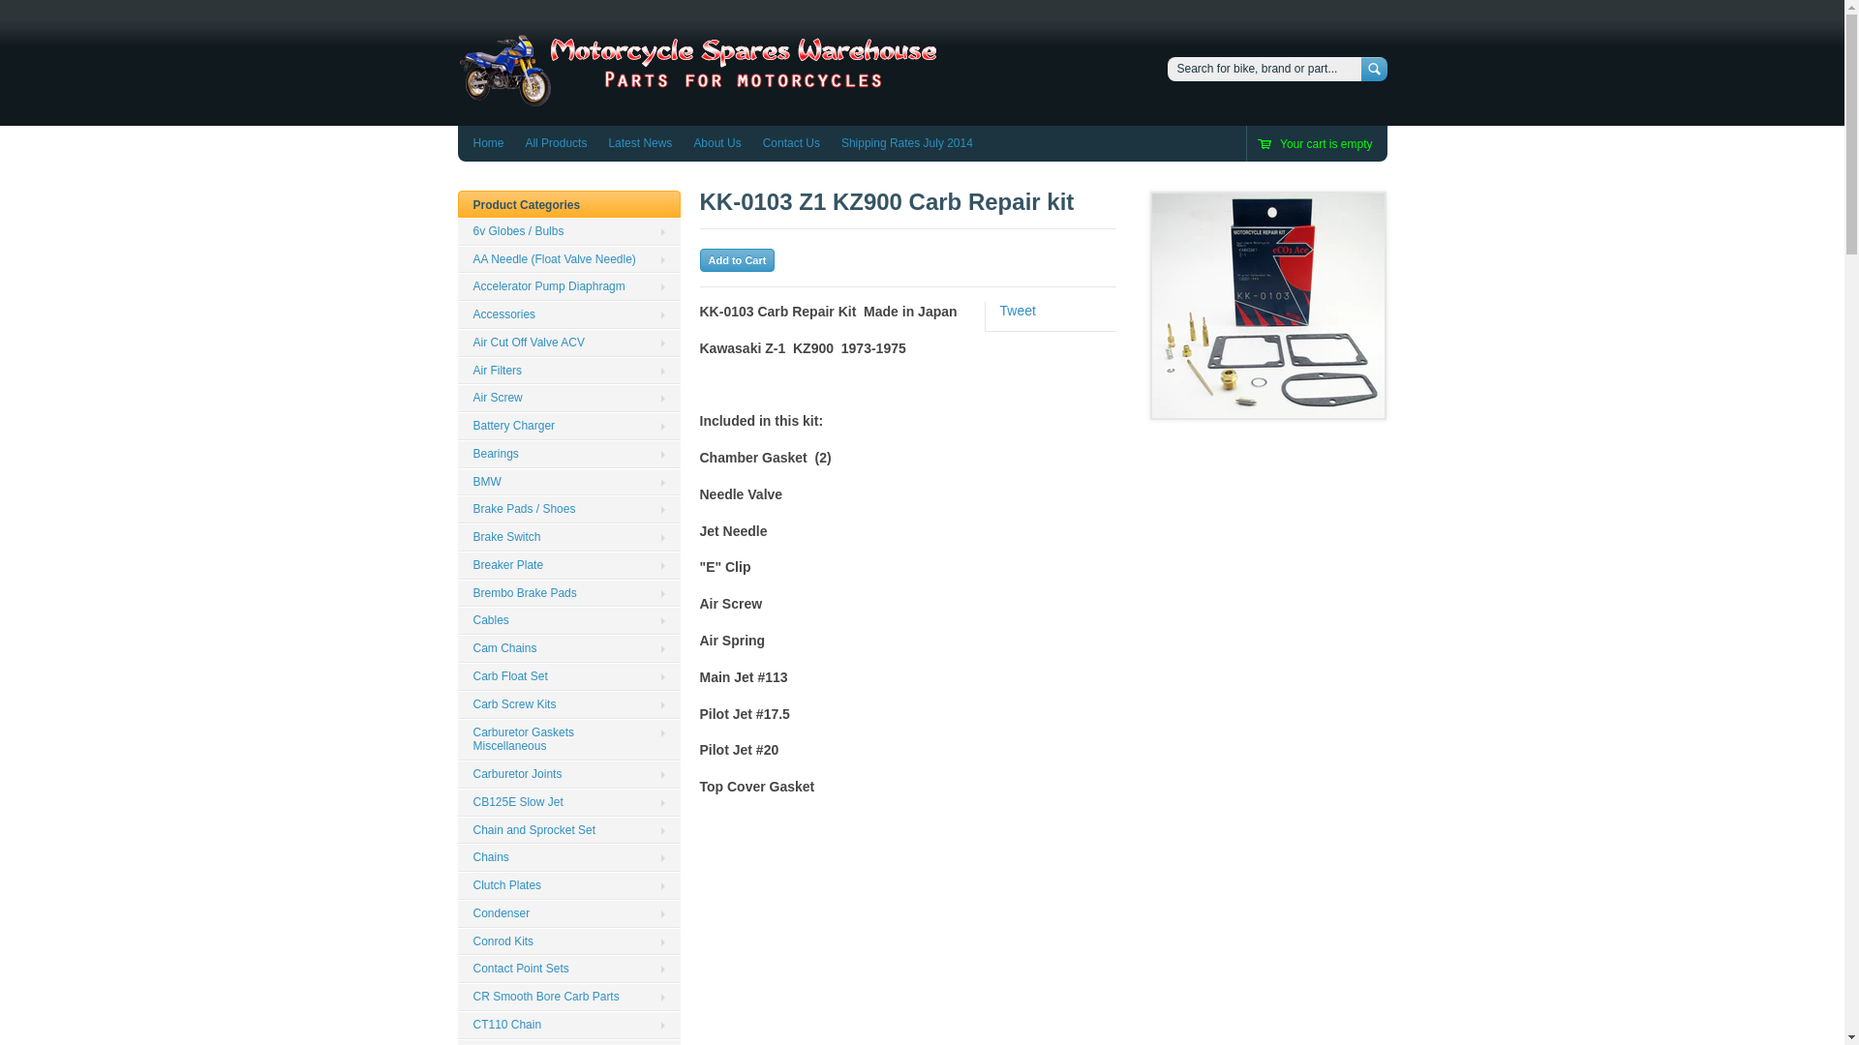  Describe the element at coordinates (566, 802) in the screenshot. I see `'CB125E Slow Jet'` at that location.